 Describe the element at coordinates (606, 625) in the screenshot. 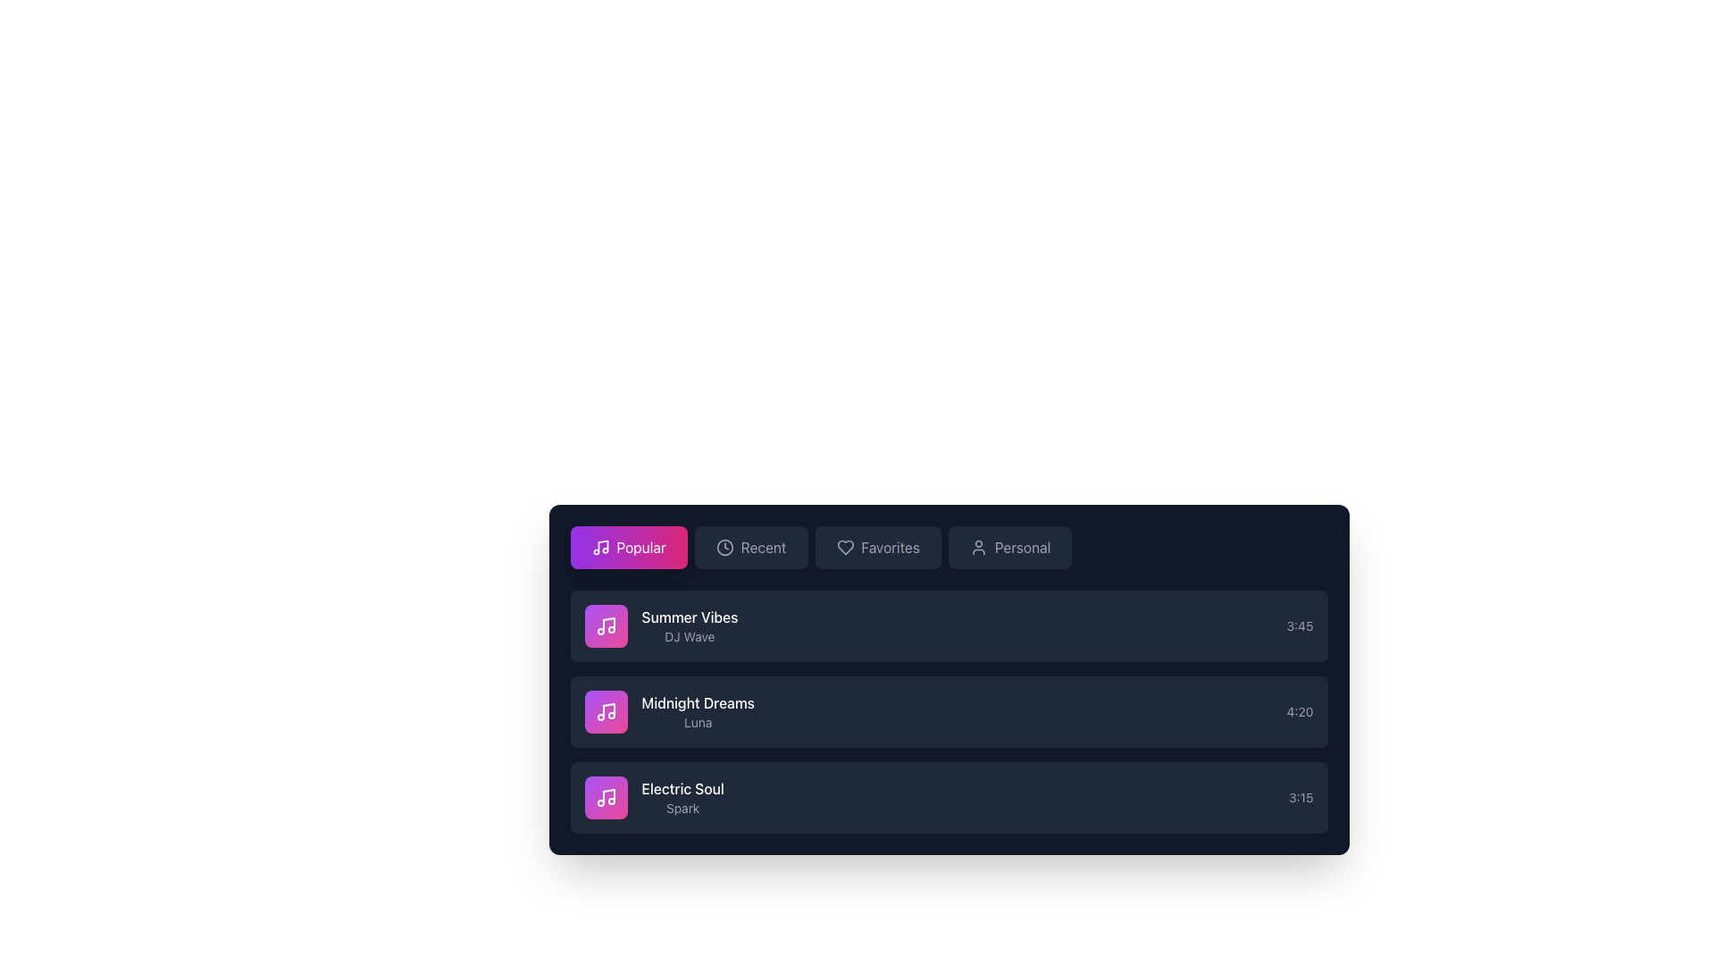

I see `or tab to the music note icon with a gradient background, located in the first row of the list to the left of 'Summer Vibes'` at that location.